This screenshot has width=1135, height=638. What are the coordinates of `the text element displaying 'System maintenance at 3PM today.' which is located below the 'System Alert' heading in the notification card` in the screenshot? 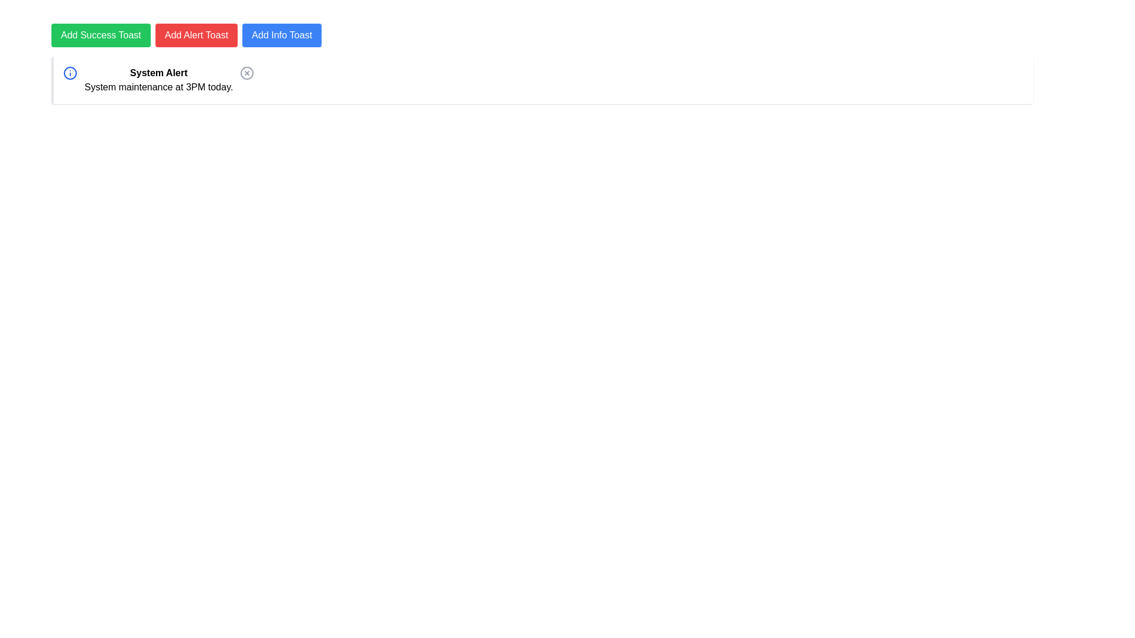 It's located at (158, 86).